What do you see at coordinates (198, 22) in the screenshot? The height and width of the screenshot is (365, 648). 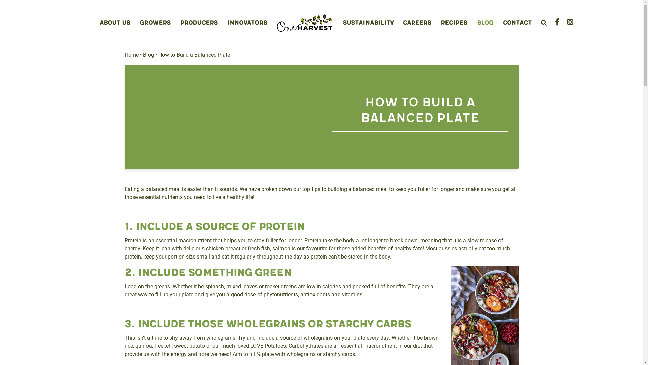 I see `'PRODUCERS'` at bounding box center [198, 22].